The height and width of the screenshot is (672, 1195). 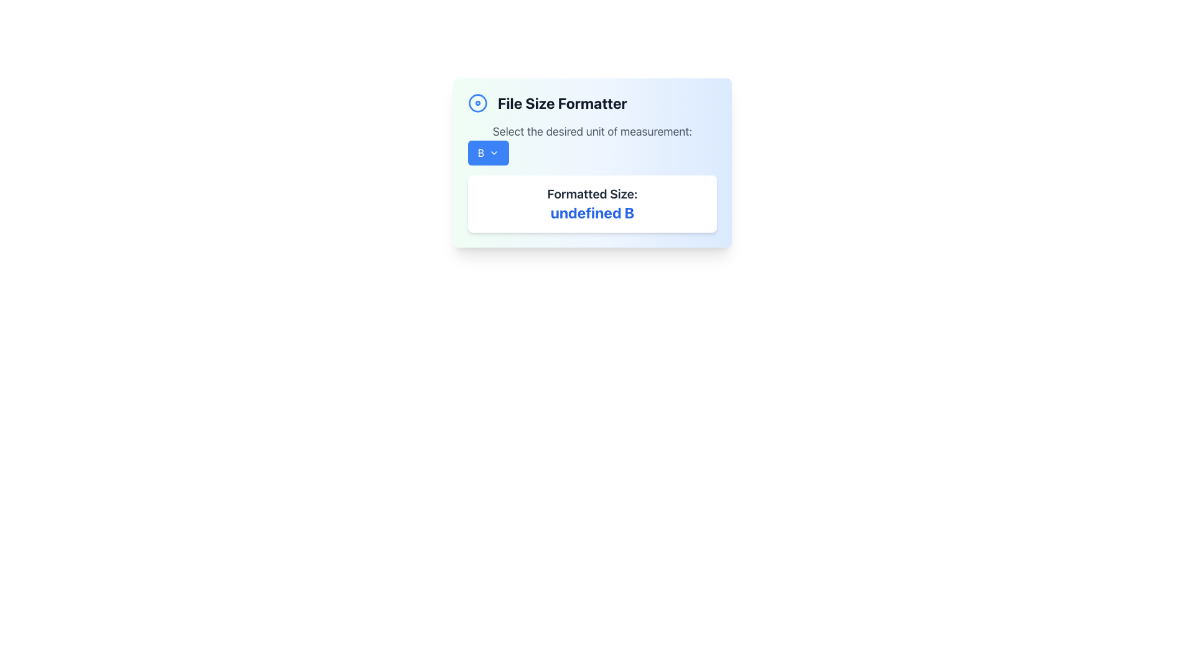 What do you see at coordinates (488, 152) in the screenshot?
I see `the button with a blue background and a bold white letter 'B' followed by a downward-facing chevron icon` at bounding box center [488, 152].